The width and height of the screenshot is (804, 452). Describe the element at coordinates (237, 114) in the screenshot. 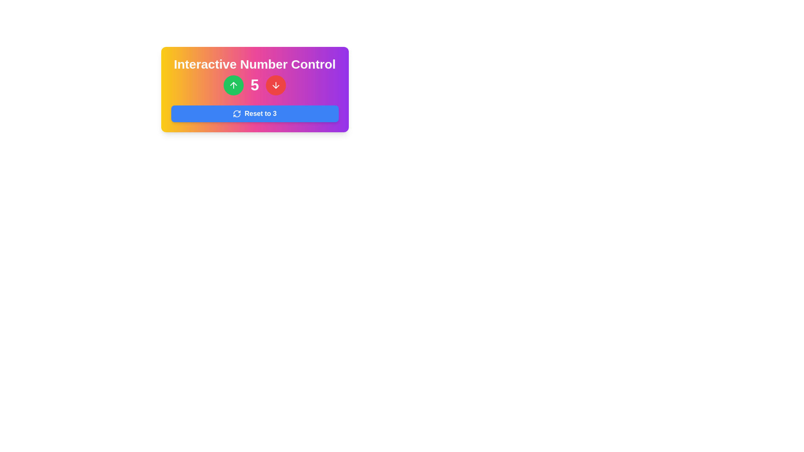

I see `the refresh icon within the blue 'Reset to 3' button` at that location.